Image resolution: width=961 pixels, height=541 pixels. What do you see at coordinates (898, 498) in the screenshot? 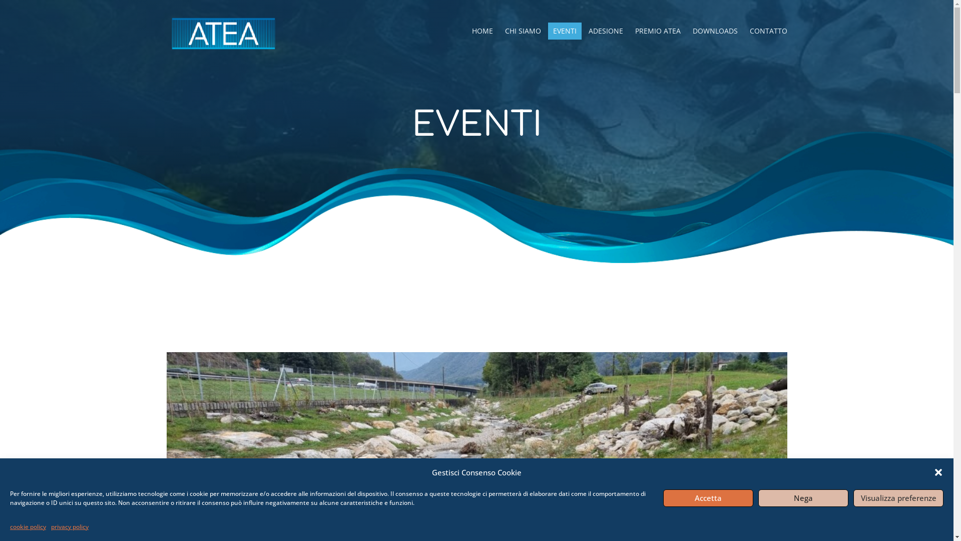
I see `'Visualizza preferenze'` at bounding box center [898, 498].